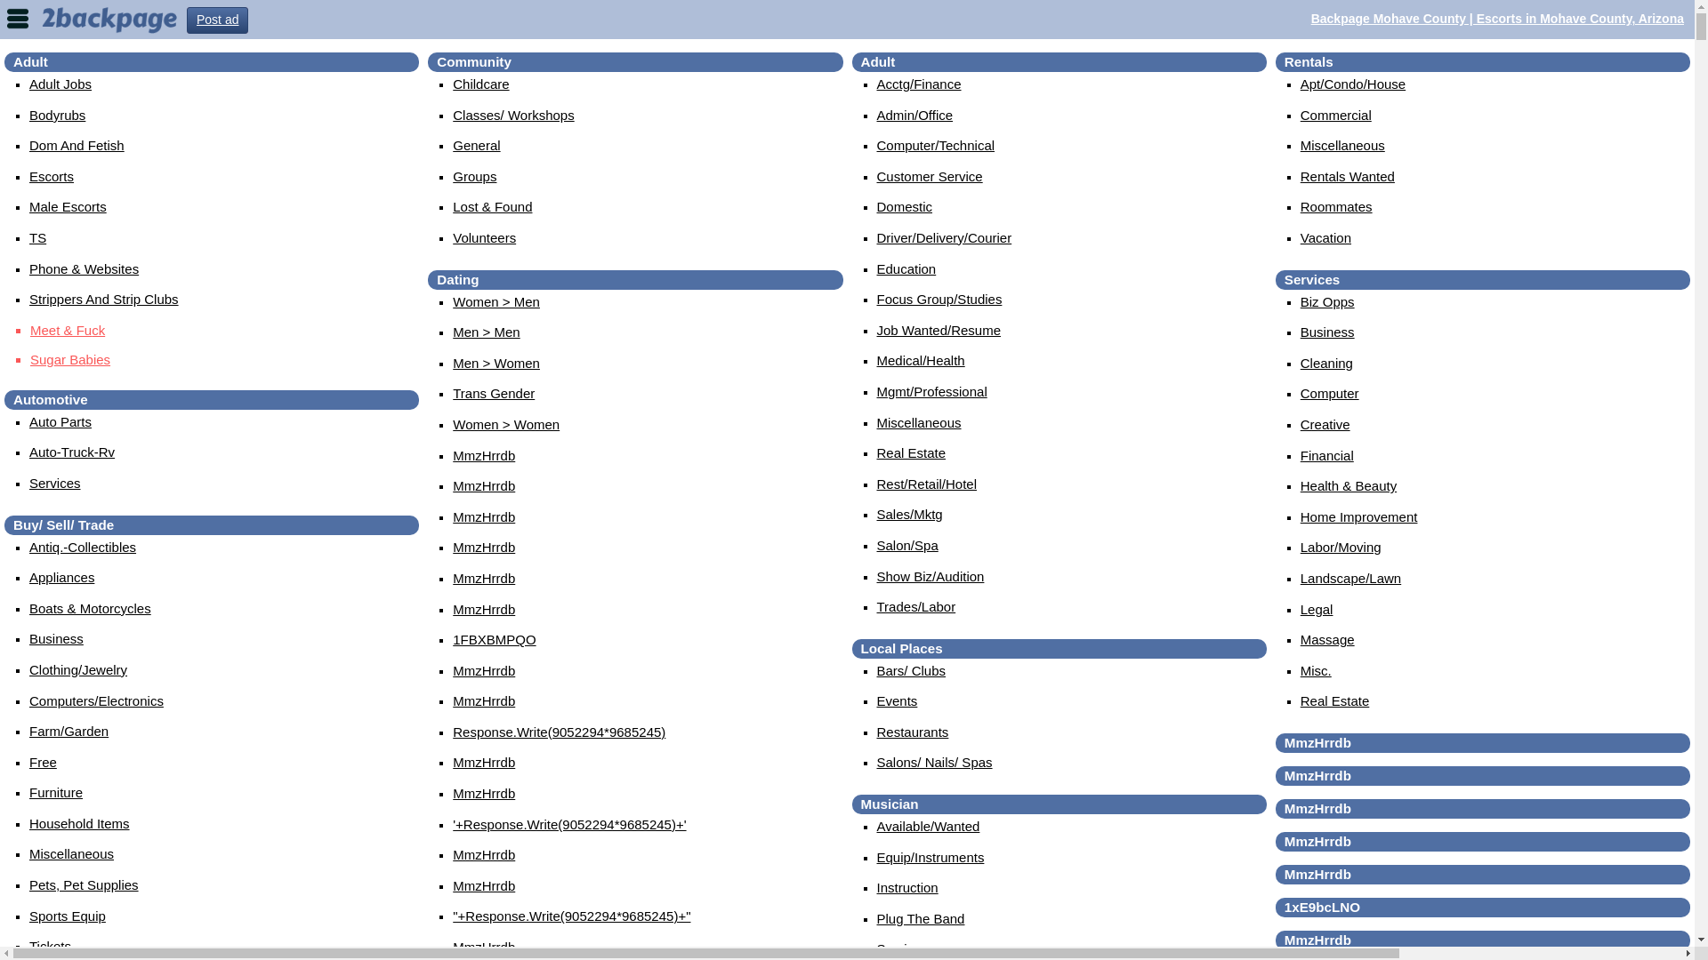  I want to click on 'Adult Jobs', so click(60, 84).